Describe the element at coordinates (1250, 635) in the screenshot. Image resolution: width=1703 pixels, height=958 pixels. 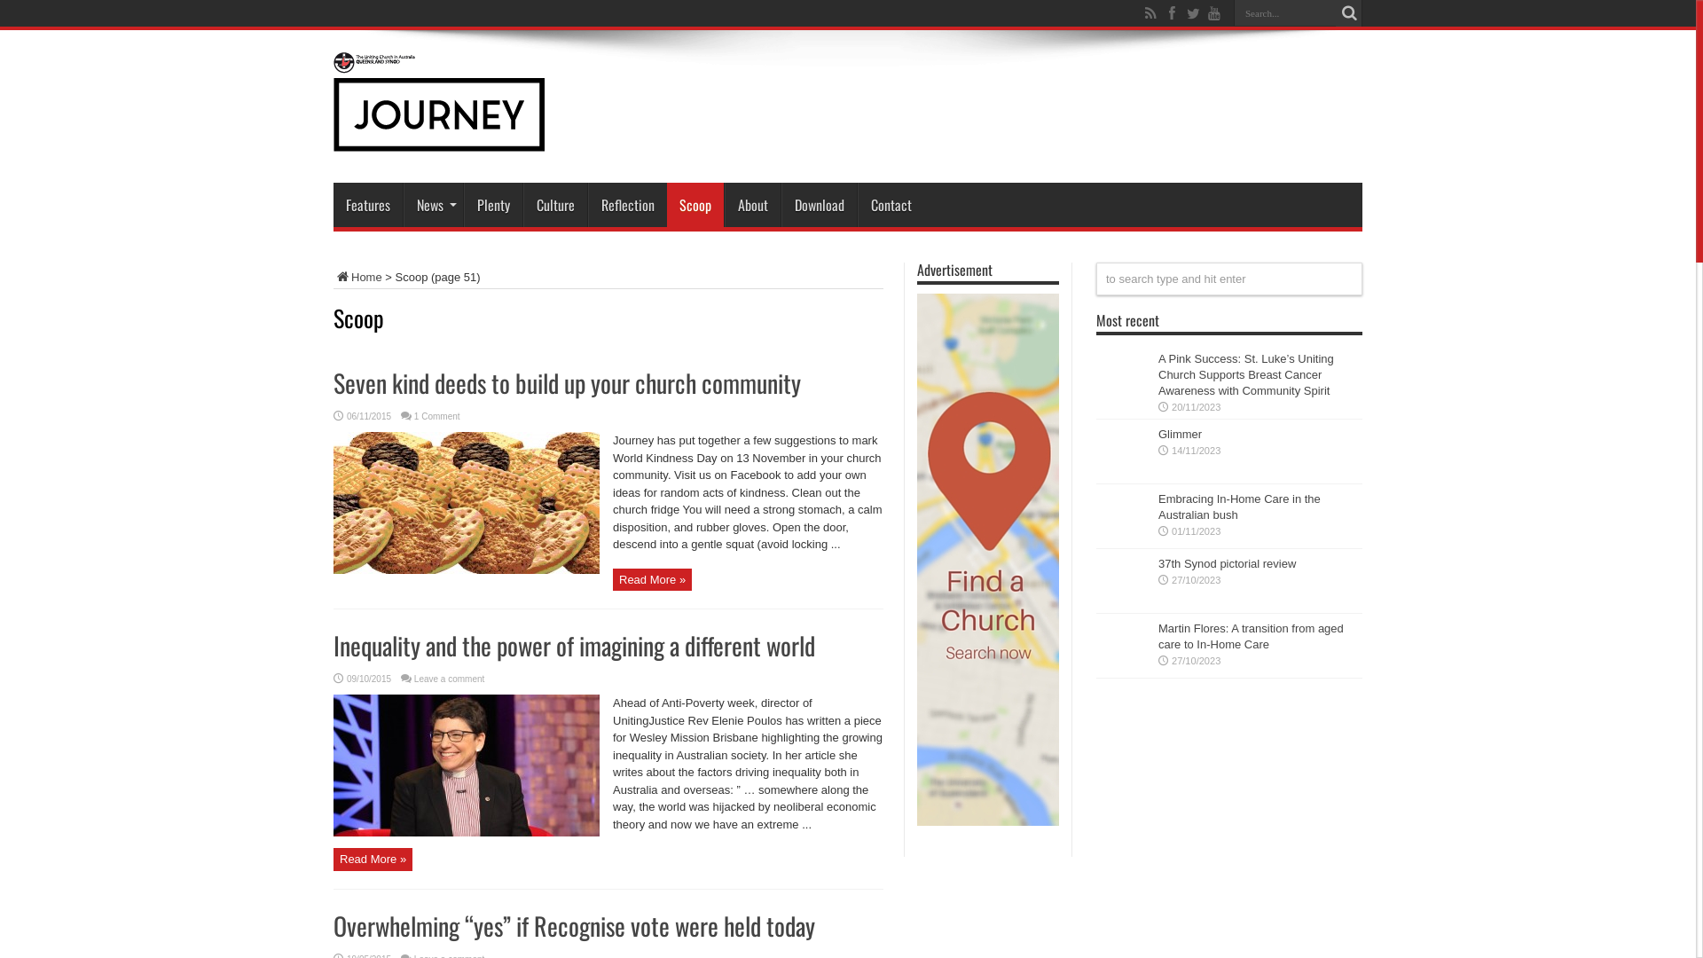
I see `'Martin Flores: A transition from aged care to In-Home Care'` at that location.